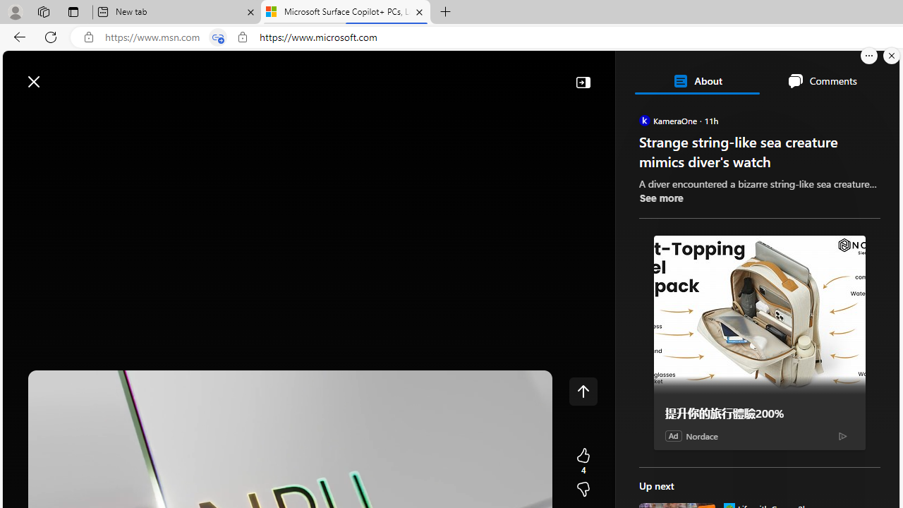 The height and width of the screenshot is (508, 903). What do you see at coordinates (696, 80) in the screenshot?
I see `'About'` at bounding box center [696, 80].